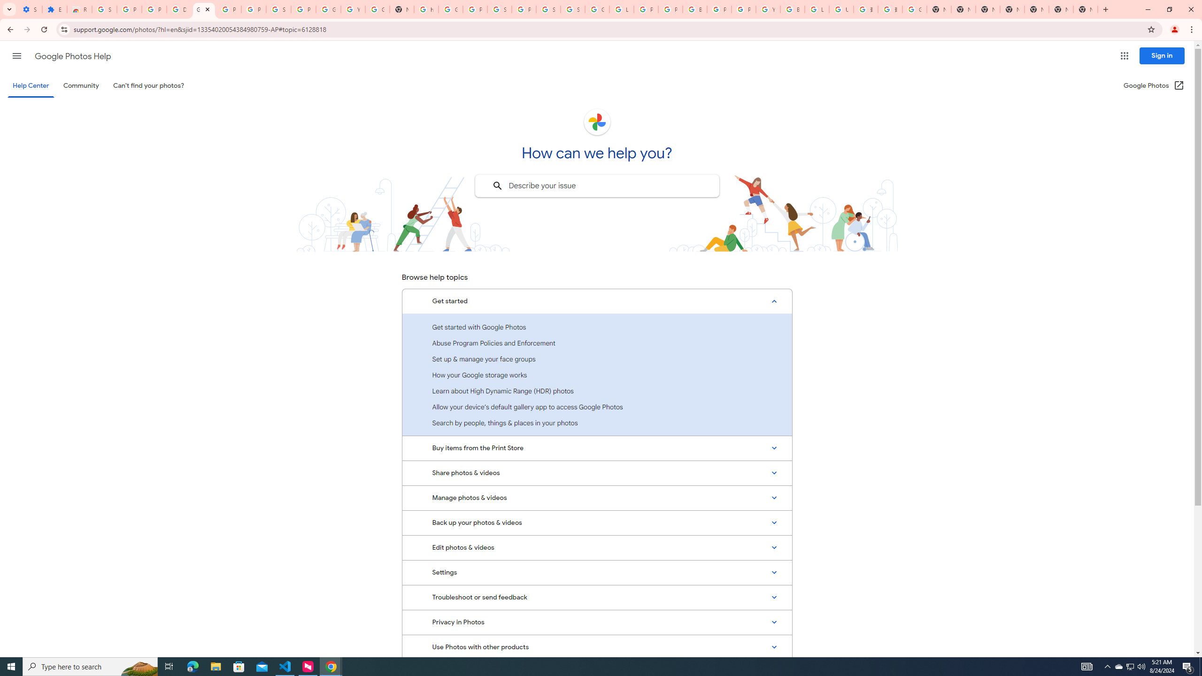 The width and height of the screenshot is (1202, 676). What do you see at coordinates (597, 375) in the screenshot?
I see `'How your Google storage works'` at bounding box center [597, 375].